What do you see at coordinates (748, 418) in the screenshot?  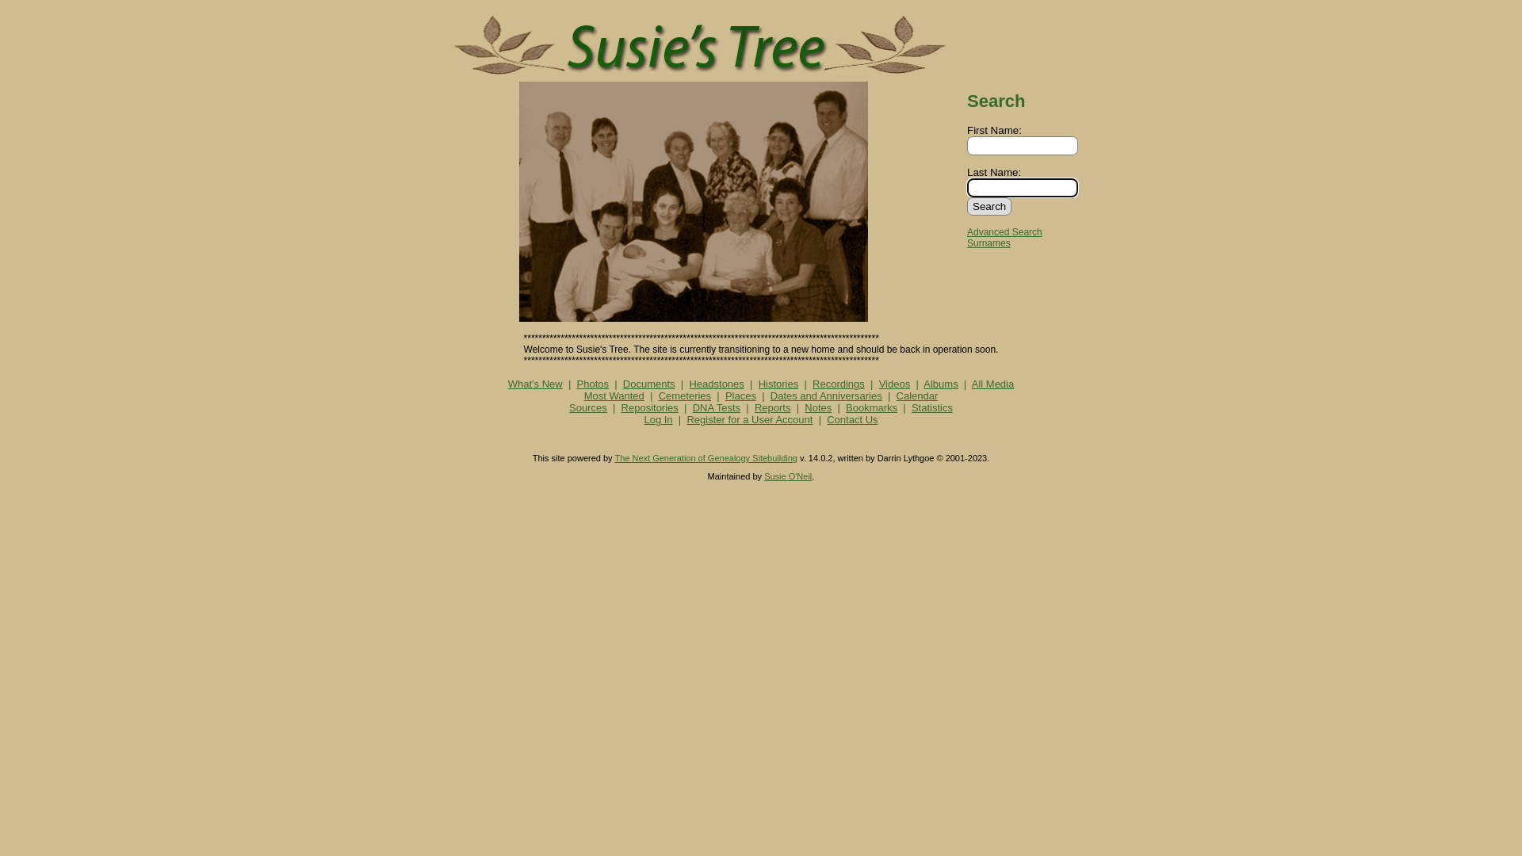 I see `'Register for a User Account'` at bounding box center [748, 418].